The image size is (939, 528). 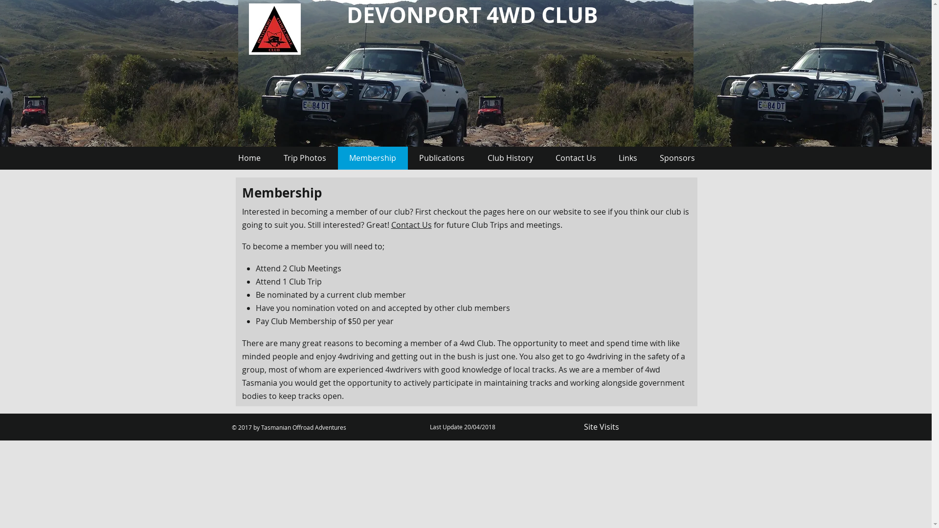 I want to click on 'Club History', so click(x=510, y=157).